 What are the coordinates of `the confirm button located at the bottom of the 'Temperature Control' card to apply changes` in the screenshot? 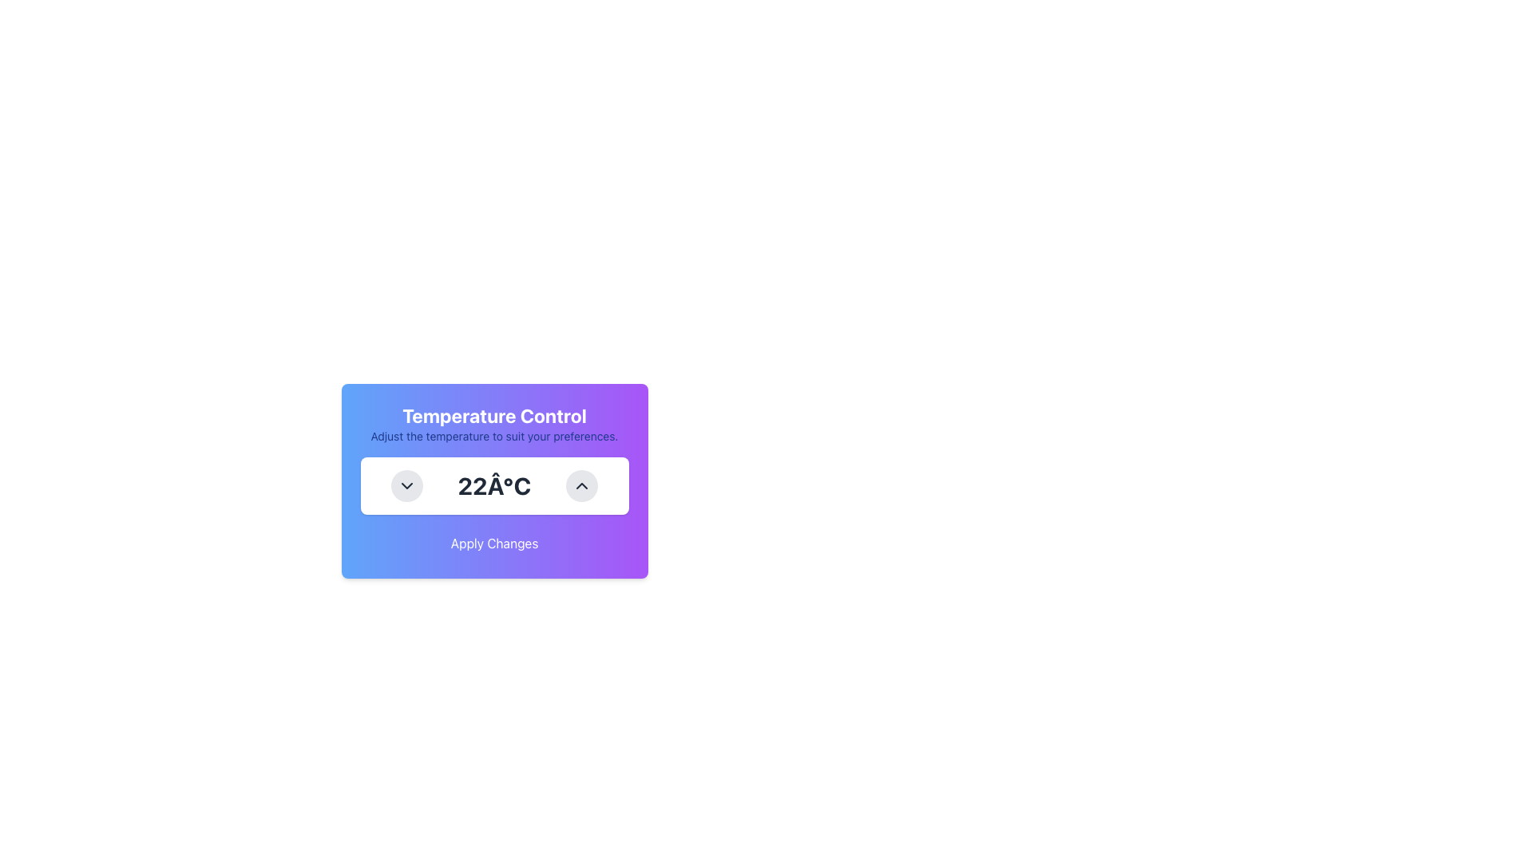 It's located at (493, 543).